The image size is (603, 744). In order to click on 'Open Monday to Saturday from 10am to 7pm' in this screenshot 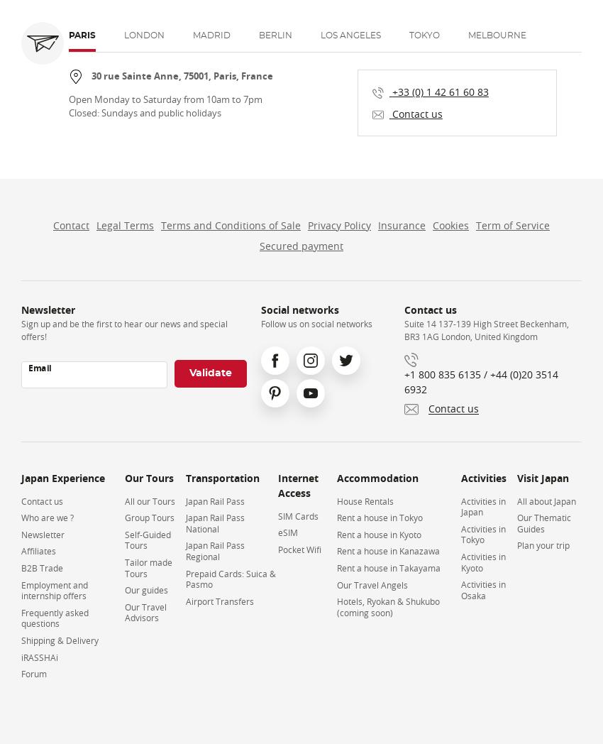, I will do `click(165, 99)`.